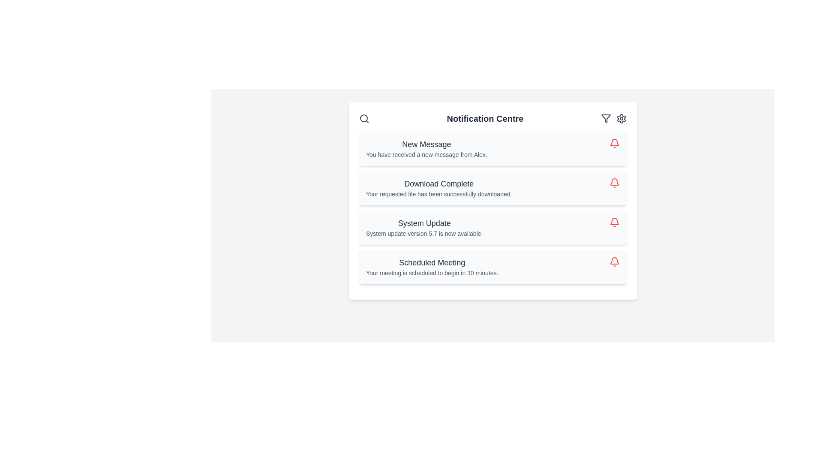 Image resolution: width=823 pixels, height=463 pixels. Describe the element at coordinates (364, 119) in the screenshot. I see `the search icon, which is a circular magnifying glass styled in gray, located in the top-left corner of the Notification Centre header row` at that location.